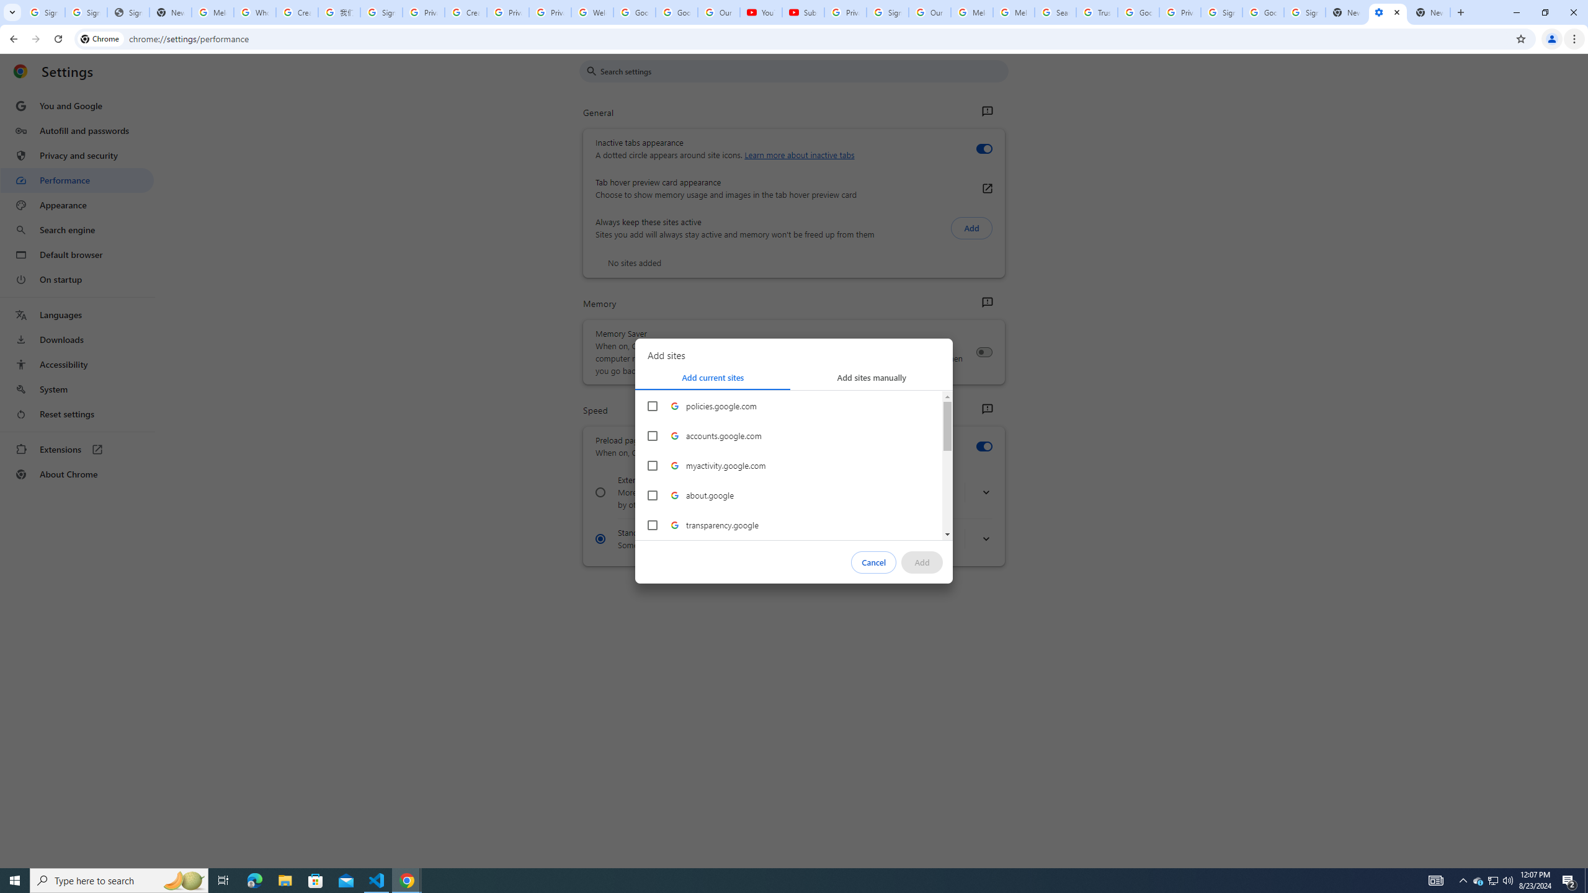  I want to click on 'policies.google.com', so click(652, 406).